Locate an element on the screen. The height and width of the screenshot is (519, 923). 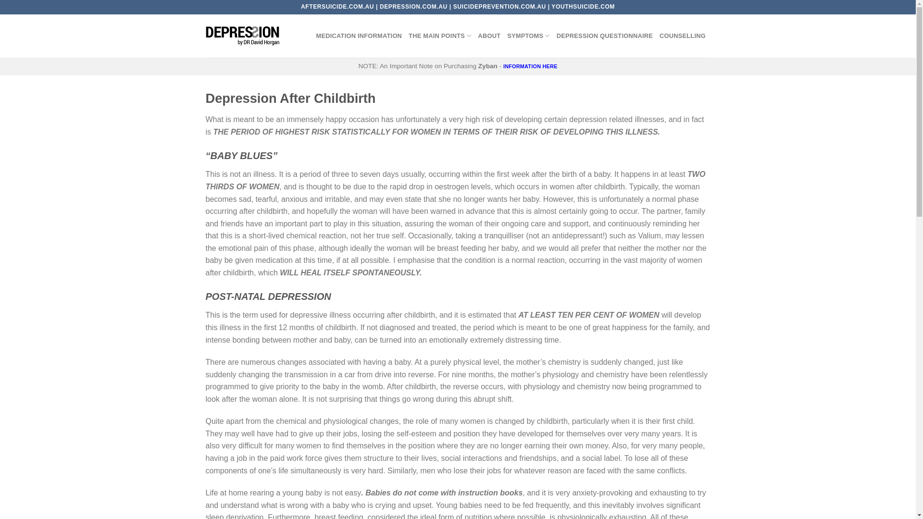
'SYMPTOMS' is located at coordinates (507, 35).